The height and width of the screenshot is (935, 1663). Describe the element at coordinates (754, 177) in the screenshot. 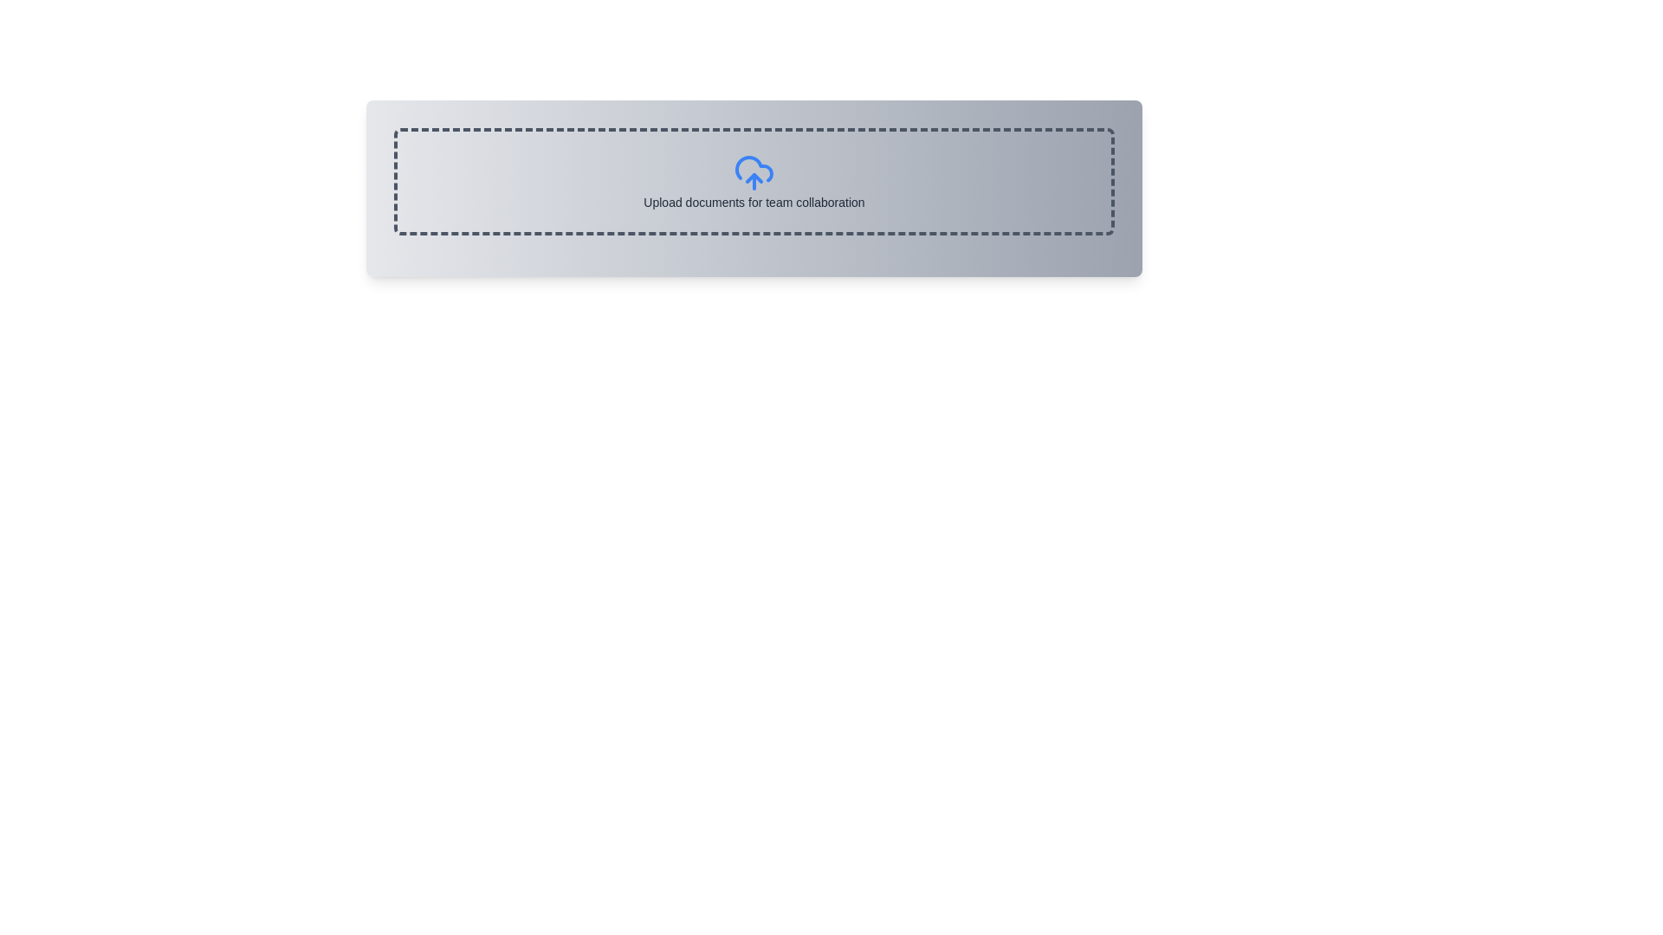

I see `the upward arrow segment of the cloud-shaped icon to trigger further actions related to document upload` at that location.